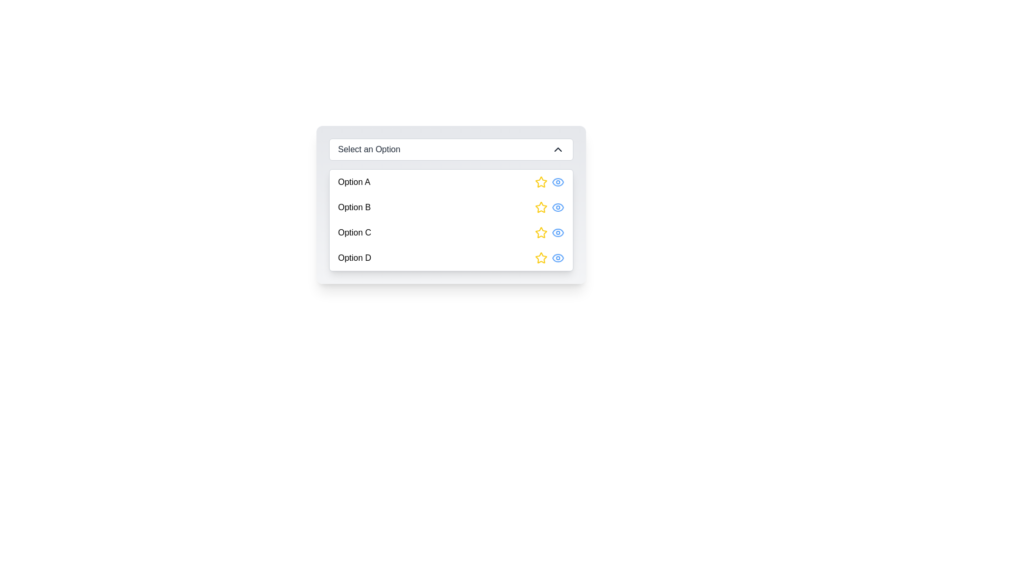 This screenshot has height=569, width=1011. Describe the element at coordinates (541, 232) in the screenshot. I see `the yellow star-shaped SVG icon, which is the leftmost element in the horizontal row under 'Option C' in the drop-down menu` at that location.